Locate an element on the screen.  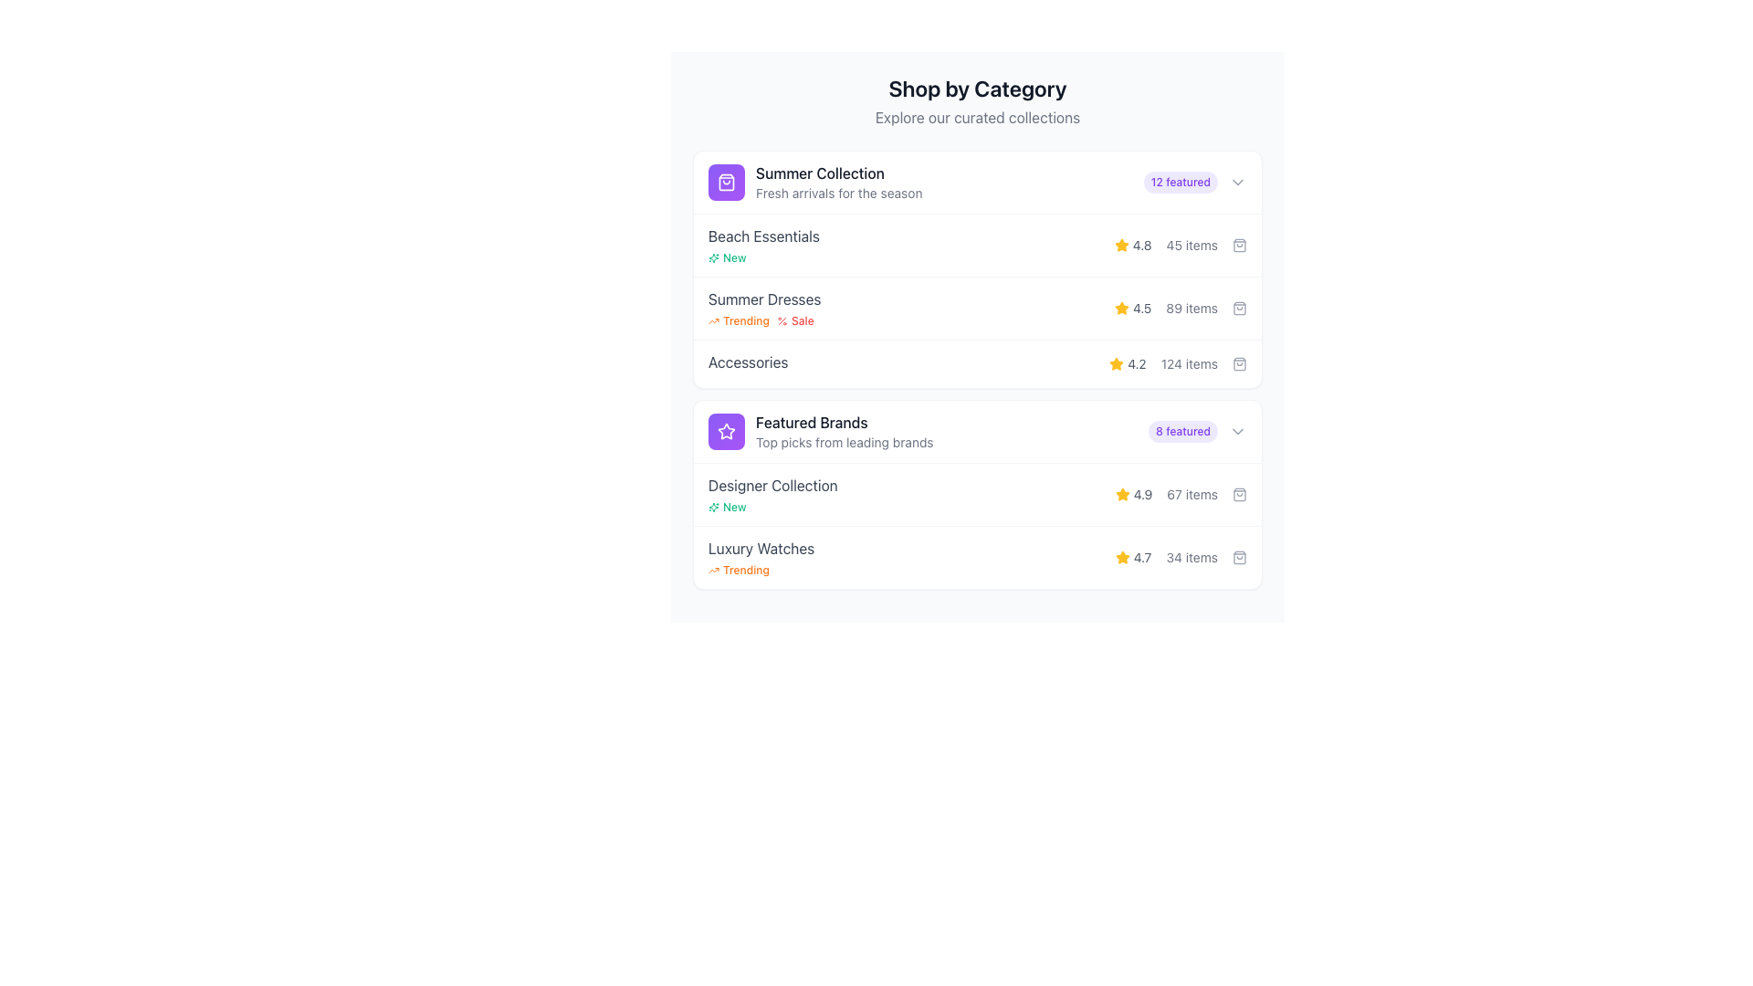
rating details of the List item labeled 'Designer Collection' which includes a star icon, a rating of '4.9', and '67 items' displayed to the right is located at coordinates (976, 493).